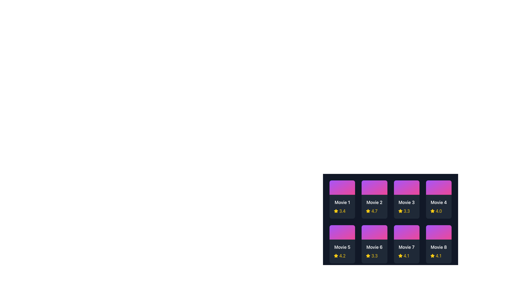 The image size is (522, 293). What do you see at coordinates (420, 277) in the screenshot?
I see `the navigation button located at the lower middle area of the display, on the far right side` at bounding box center [420, 277].